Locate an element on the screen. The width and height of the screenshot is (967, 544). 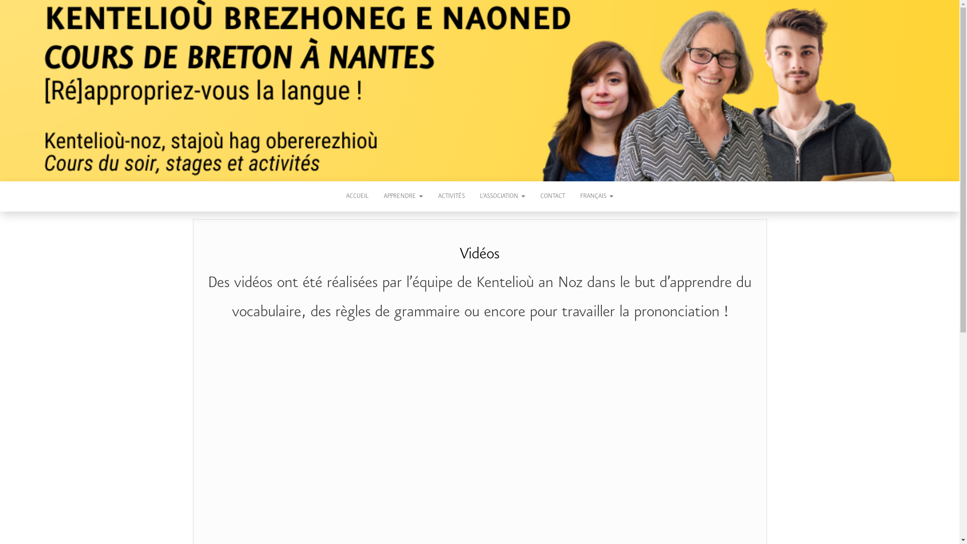
'ACCUEIL' is located at coordinates (357, 196).